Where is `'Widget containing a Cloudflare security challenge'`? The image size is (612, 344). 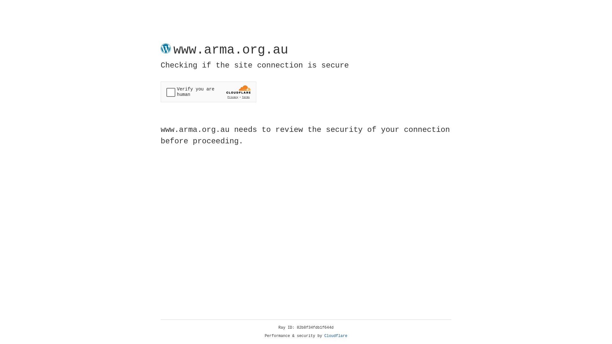 'Widget containing a Cloudflare security challenge' is located at coordinates (208, 92).